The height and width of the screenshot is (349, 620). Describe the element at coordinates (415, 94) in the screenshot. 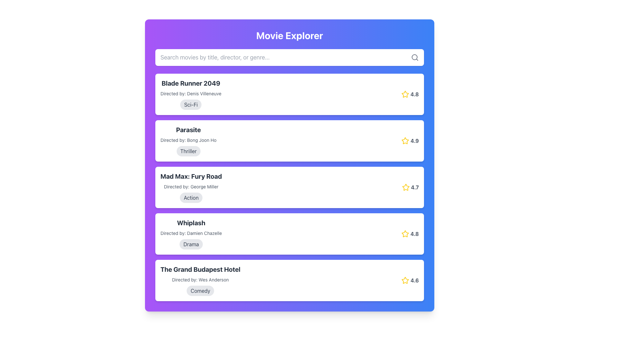

I see `rating value '4.8' displayed in bold gray text next to a yellow star icon in the fourth listing for 'Whiplash' under the 'Drama' label` at that location.